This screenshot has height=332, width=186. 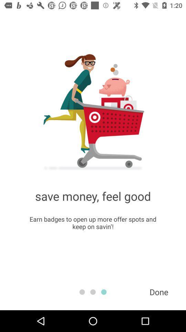 I want to click on the item at the bottom right corner, so click(x=159, y=292).